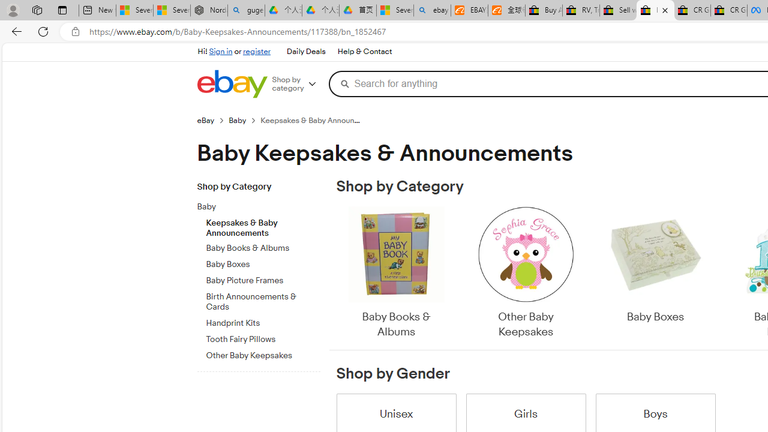 This screenshot has height=432, width=768. Describe the element at coordinates (363, 51) in the screenshot. I see `'Help & Contact'` at that location.